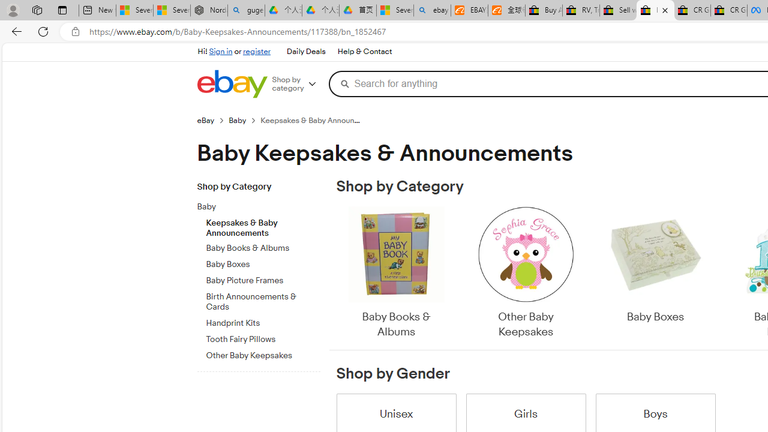 This screenshot has height=432, width=768. Describe the element at coordinates (363, 51) in the screenshot. I see `'Help & Contact'` at that location.